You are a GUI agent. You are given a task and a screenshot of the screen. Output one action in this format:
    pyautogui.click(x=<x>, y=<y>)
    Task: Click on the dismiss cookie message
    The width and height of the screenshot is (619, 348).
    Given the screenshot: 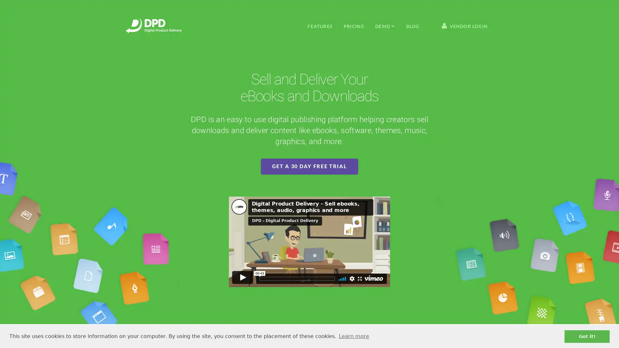 What is the action you would take?
    pyautogui.click(x=587, y=336)
    